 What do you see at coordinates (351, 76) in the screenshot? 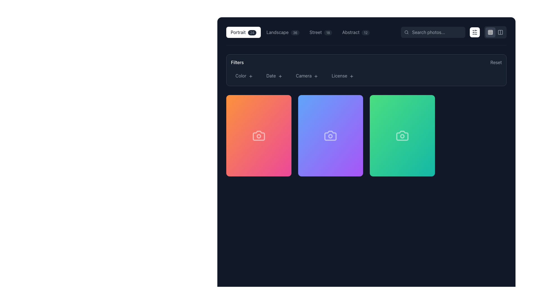
I see `the inline icon next to the 'License' button` at bounding box center [351, 76].